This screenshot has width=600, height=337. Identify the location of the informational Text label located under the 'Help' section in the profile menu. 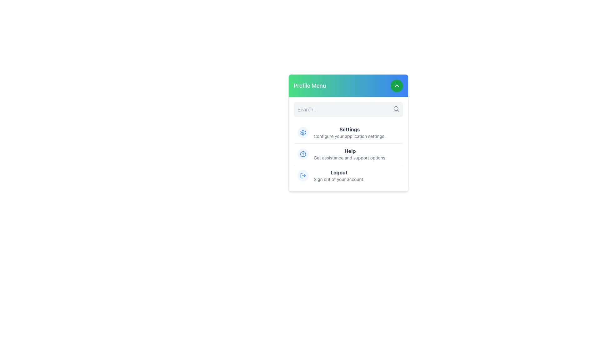
(350, 157).